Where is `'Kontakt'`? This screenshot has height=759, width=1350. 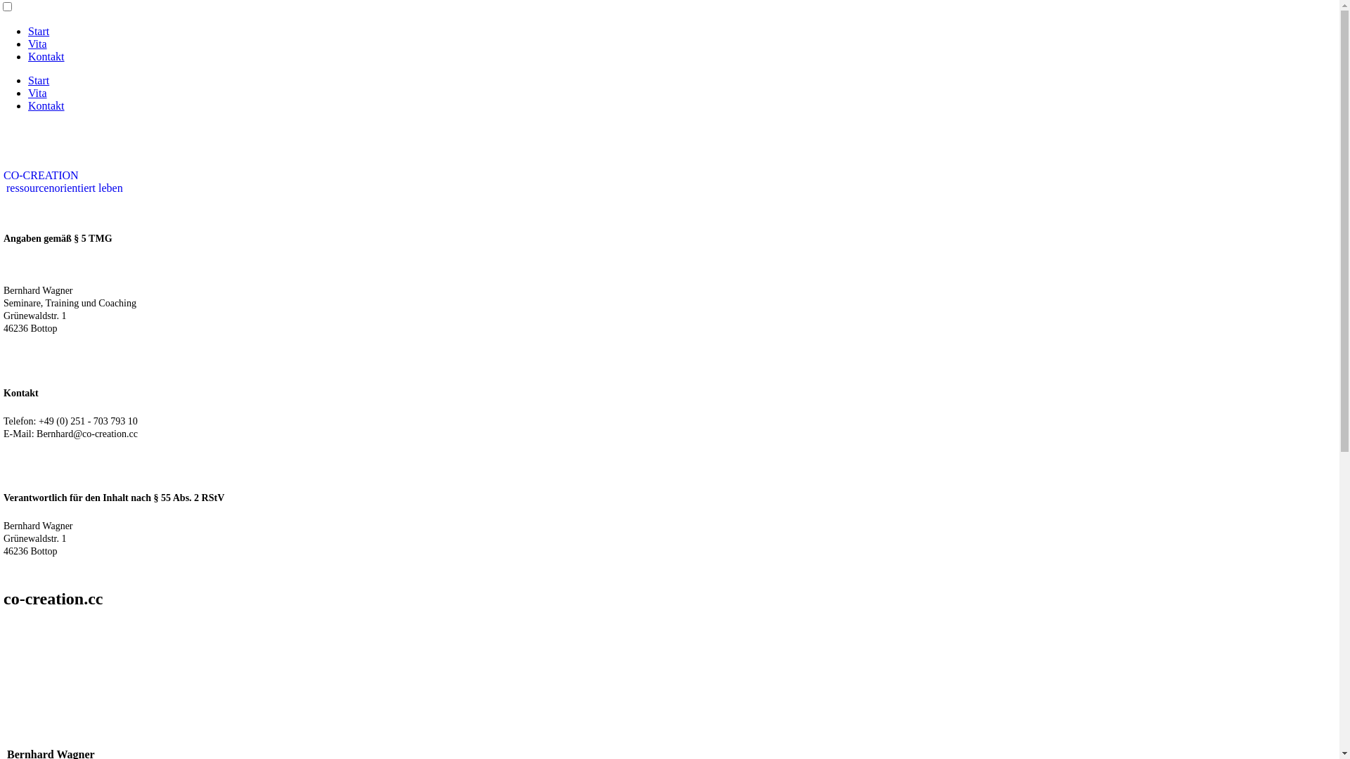
'Kontakt' is located at coordinates (46, 105).